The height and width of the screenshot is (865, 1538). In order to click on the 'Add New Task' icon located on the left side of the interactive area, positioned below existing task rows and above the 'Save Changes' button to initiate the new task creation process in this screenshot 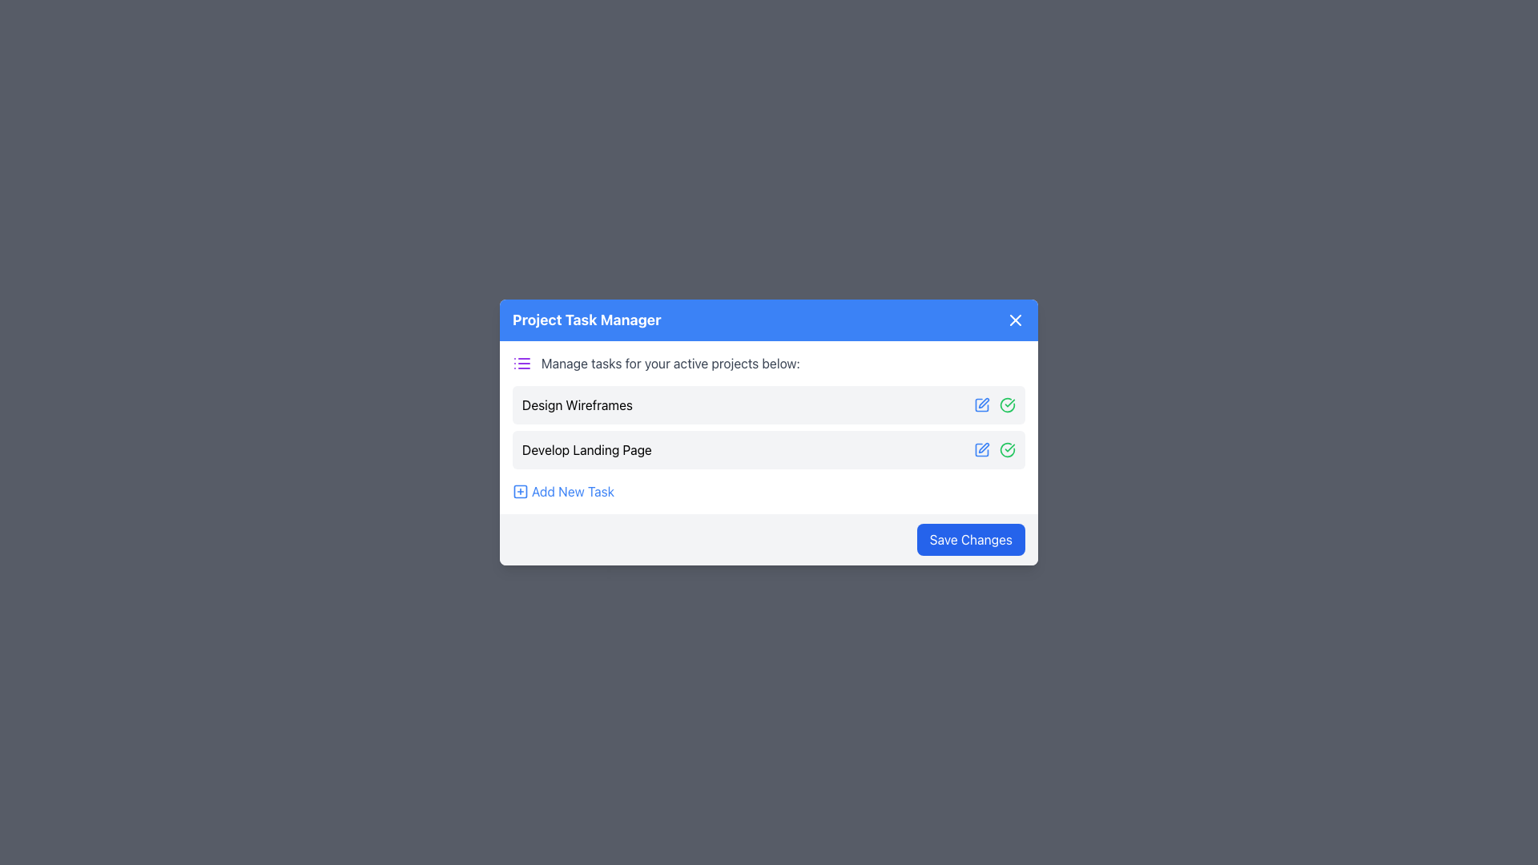, I will do `click(520, 490)`.